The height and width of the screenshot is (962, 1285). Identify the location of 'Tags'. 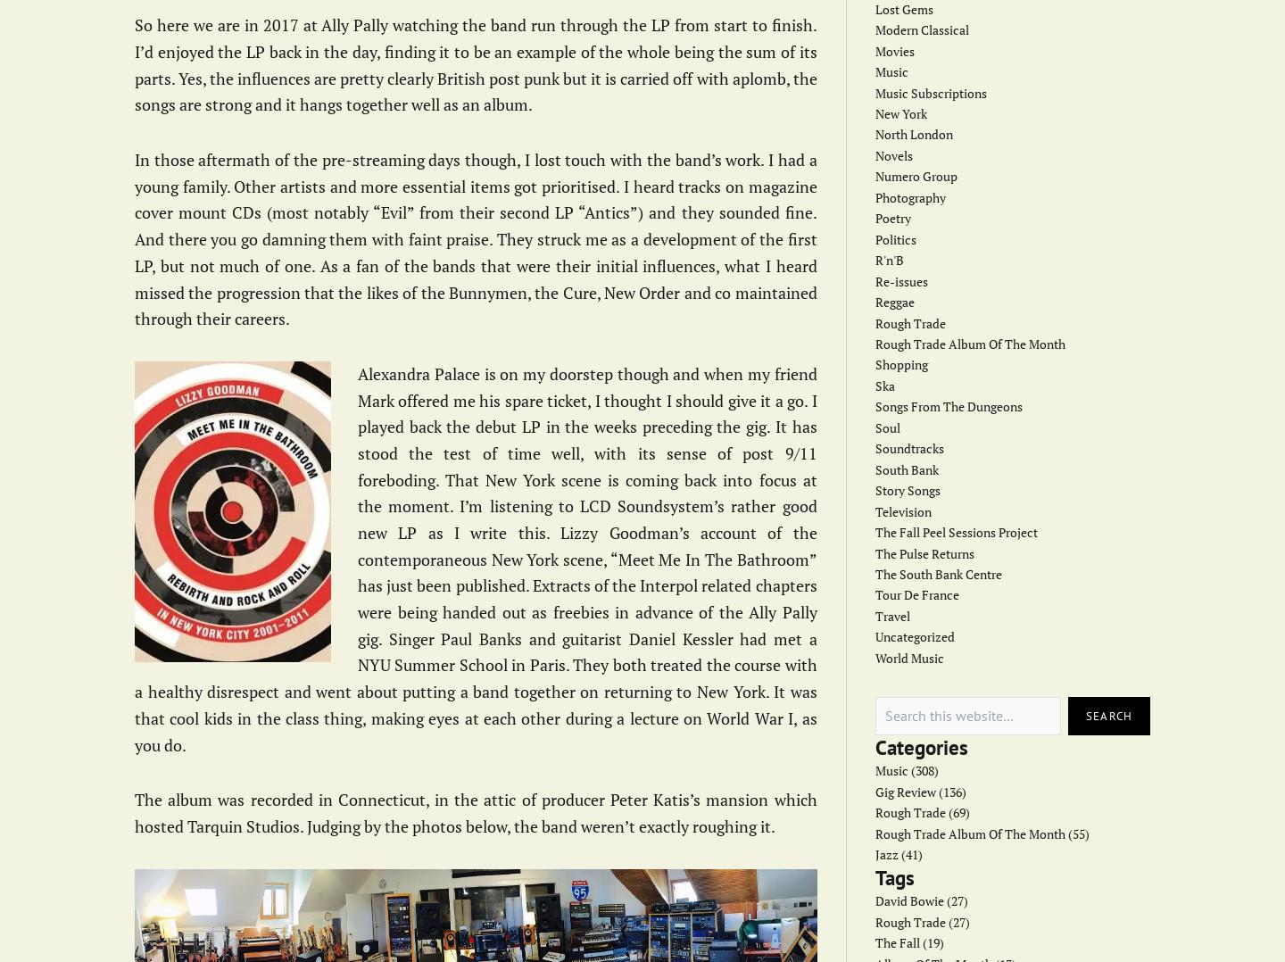
(874, 876).